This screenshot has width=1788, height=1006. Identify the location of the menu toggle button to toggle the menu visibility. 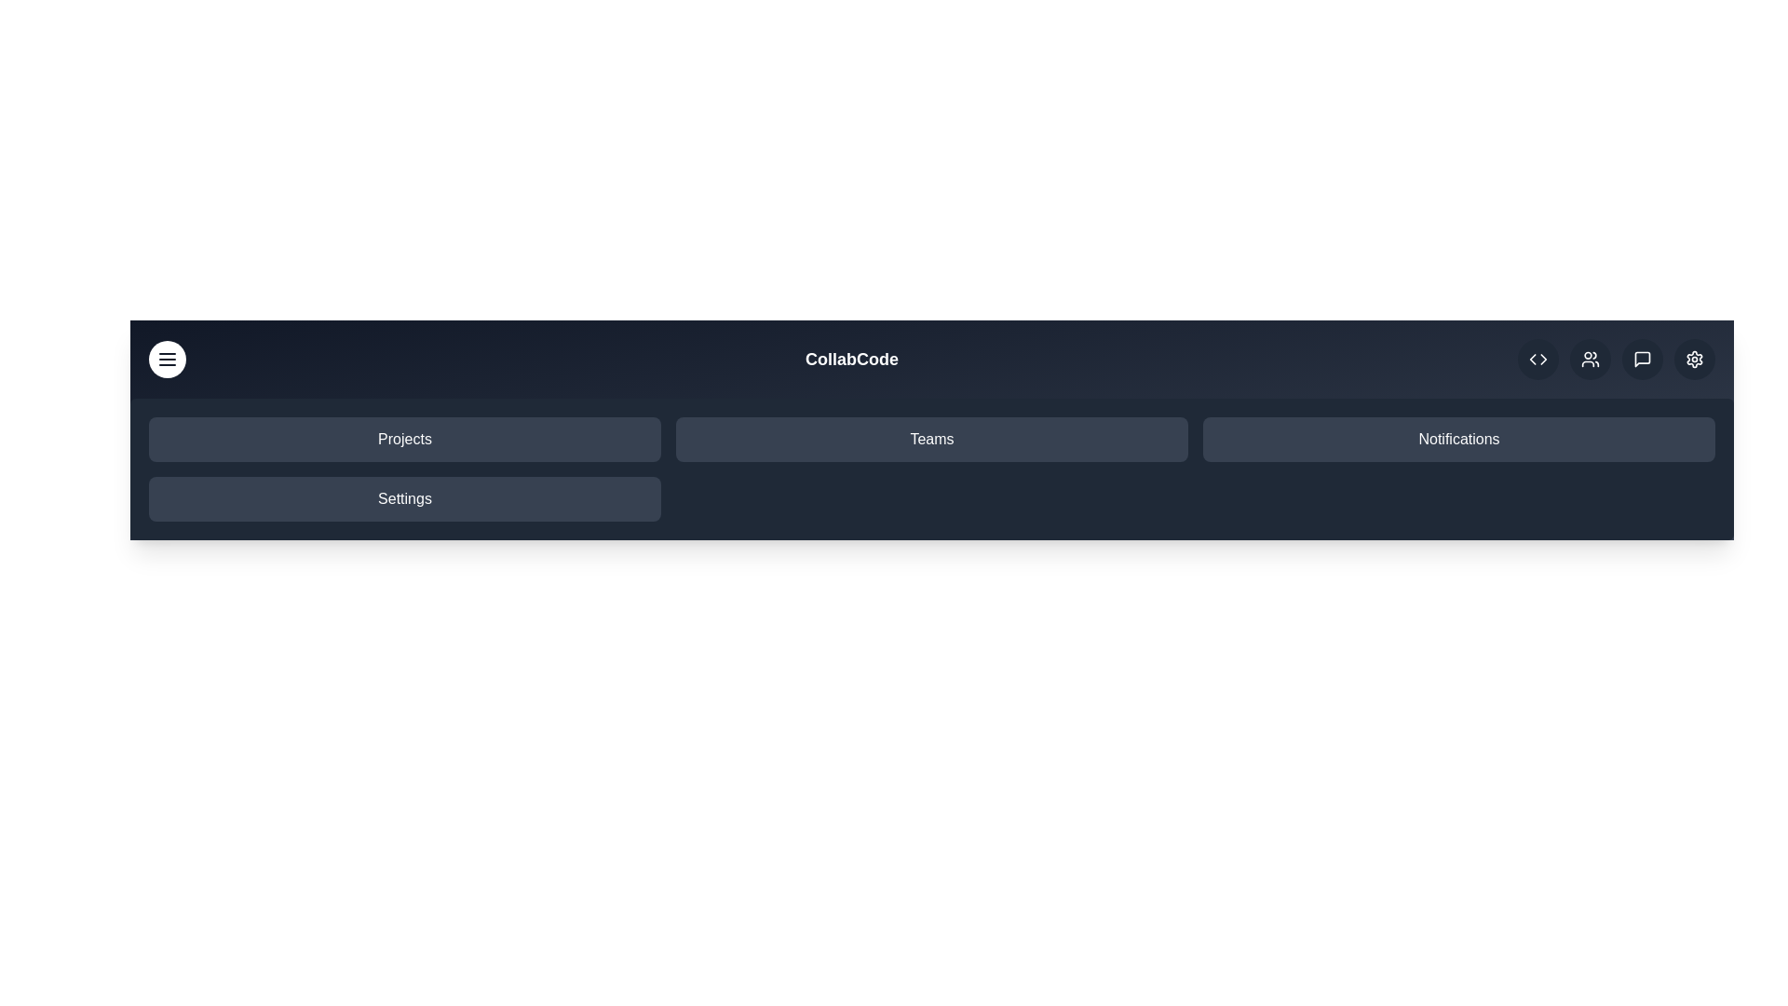
(168, 359).